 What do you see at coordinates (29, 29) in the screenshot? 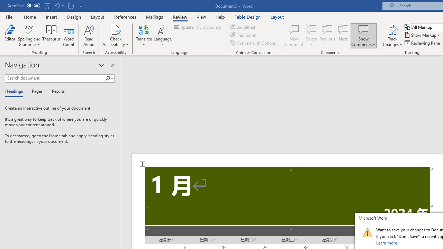
I see `'Spelling and Grammar'` at bounding box center [29, 29].